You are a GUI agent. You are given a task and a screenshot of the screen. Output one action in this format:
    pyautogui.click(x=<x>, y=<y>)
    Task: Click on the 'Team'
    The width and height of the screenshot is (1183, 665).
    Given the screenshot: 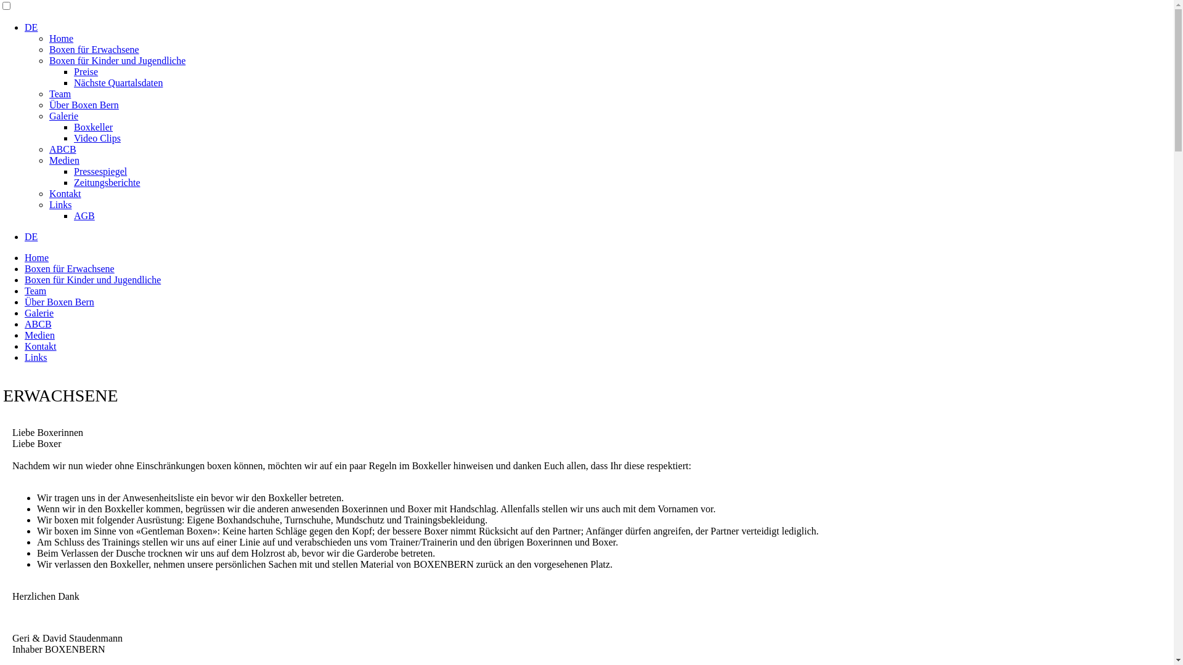 What is the action you would take?
    pyautogui.click(x=59, y=93)
    